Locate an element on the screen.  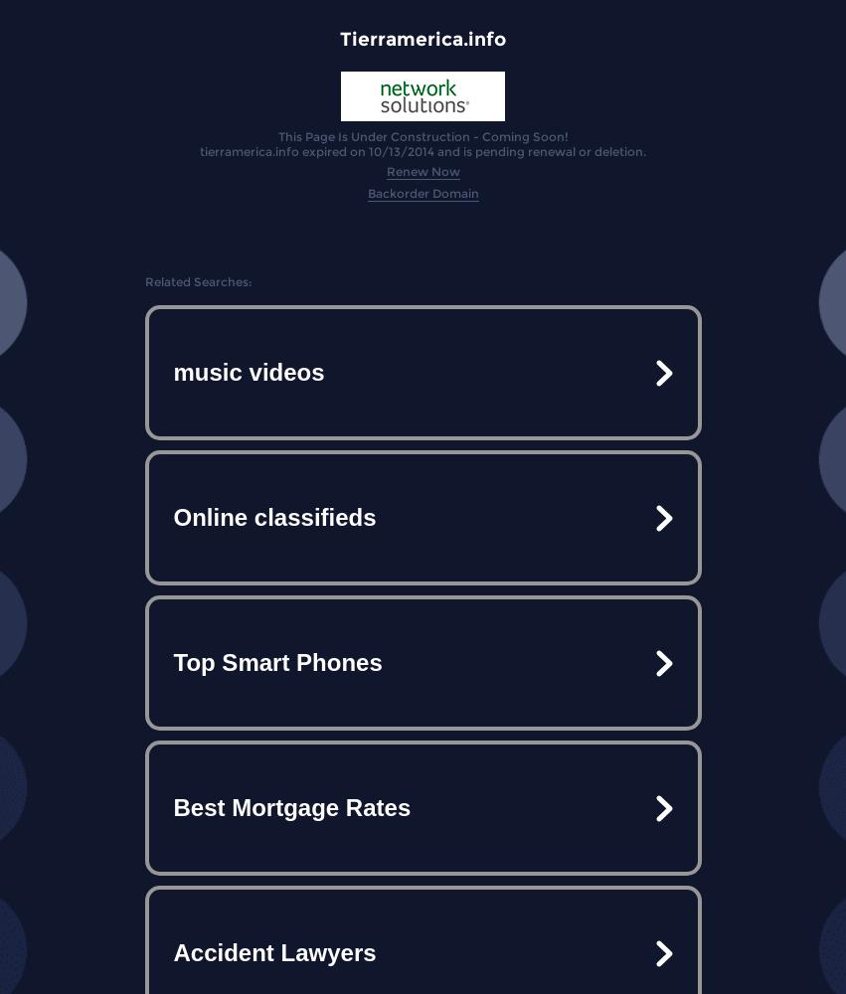
'This Page Is Under Construction - Coming Soon!' is located at coordinates (421, 136).